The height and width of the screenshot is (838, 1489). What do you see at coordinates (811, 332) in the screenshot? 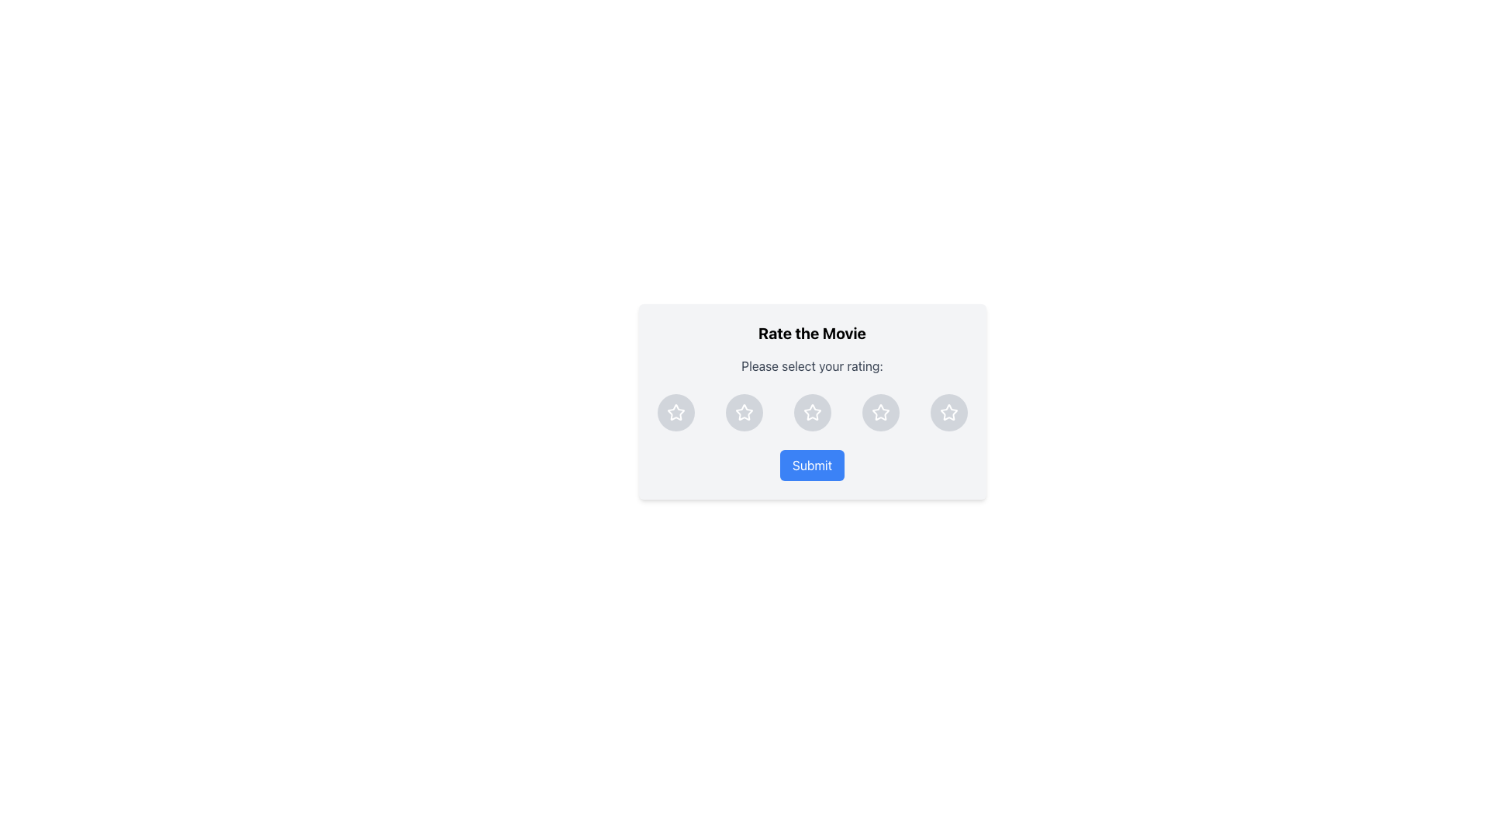
I see `Header Text that serves as a title for the rating interface, positioned at the top of the card-like component above the text 'Please select your rating:'` at bounding box center [811, 332].